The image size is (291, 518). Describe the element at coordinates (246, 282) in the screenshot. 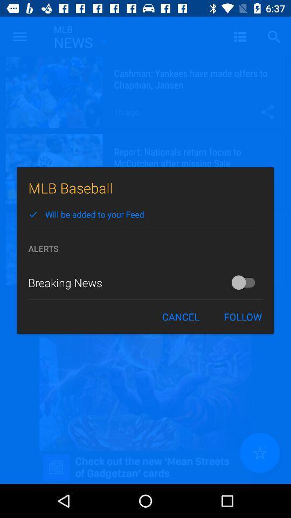

I see `autoplay option` at that location.